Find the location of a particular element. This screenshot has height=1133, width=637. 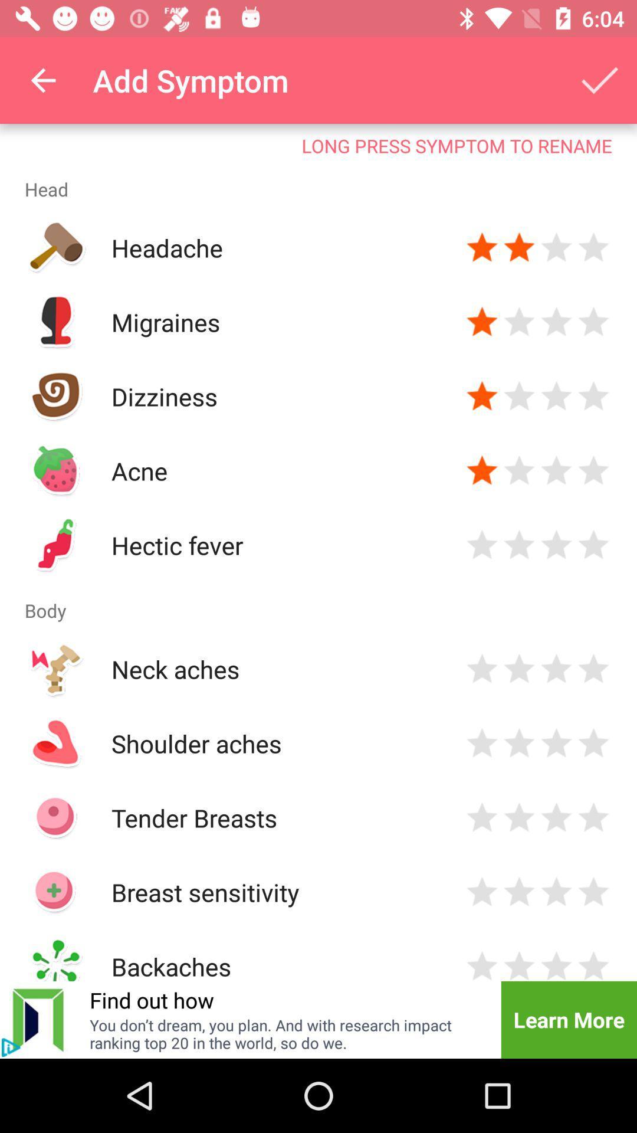

rate four stars is located at coordinates (593, 742).